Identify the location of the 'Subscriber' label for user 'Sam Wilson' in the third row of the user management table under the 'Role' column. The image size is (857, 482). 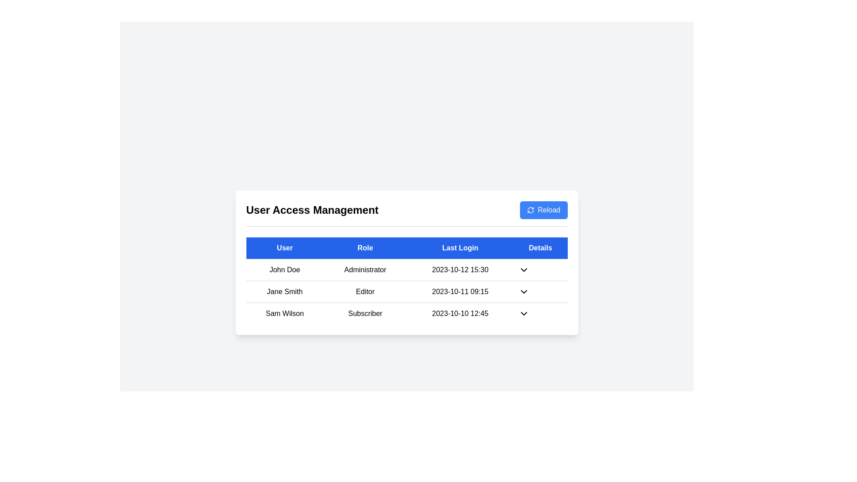
(365, 313).